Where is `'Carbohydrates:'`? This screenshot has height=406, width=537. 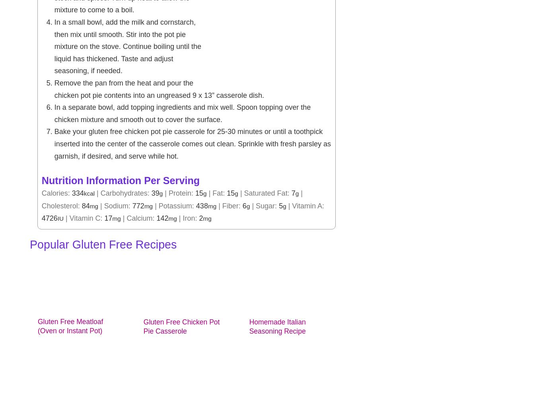
'Carbohydrates:' is located at coordinates (125, 192).